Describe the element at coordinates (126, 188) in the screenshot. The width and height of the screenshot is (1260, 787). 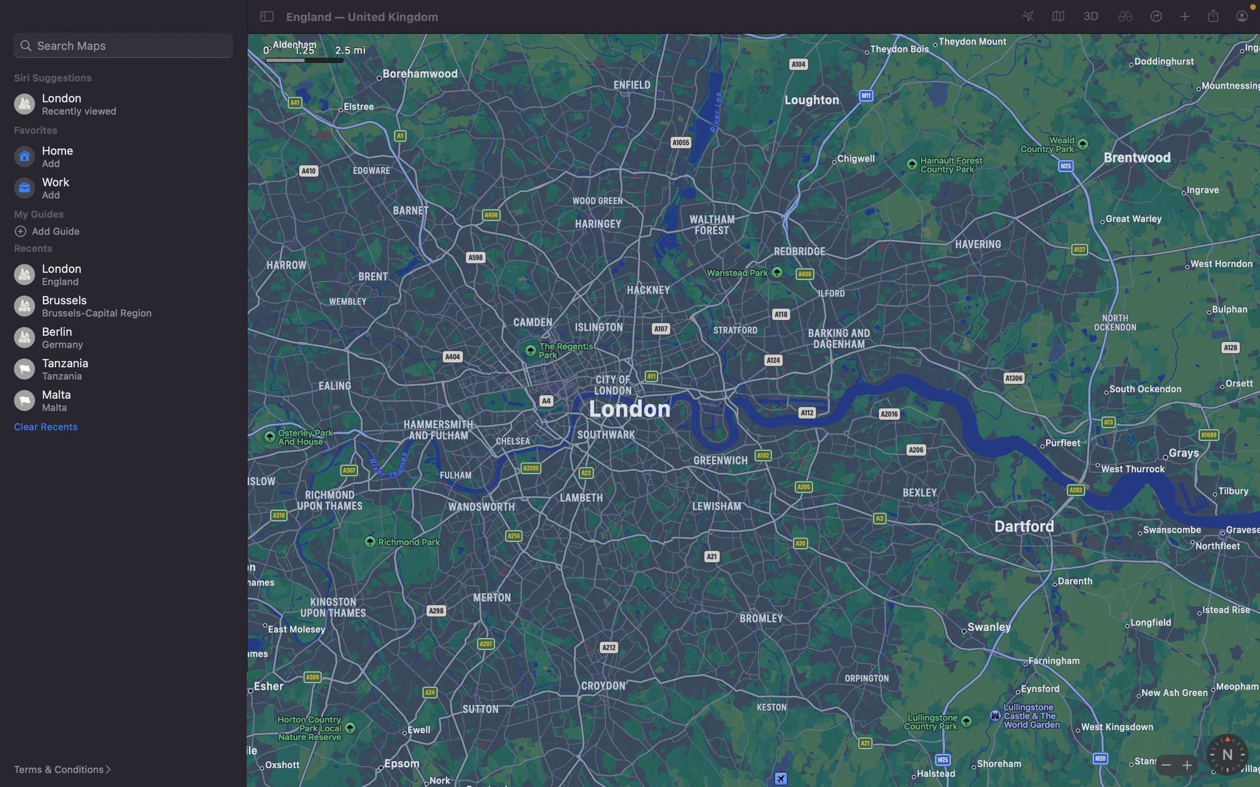
I see `Add a new work location` at that location.